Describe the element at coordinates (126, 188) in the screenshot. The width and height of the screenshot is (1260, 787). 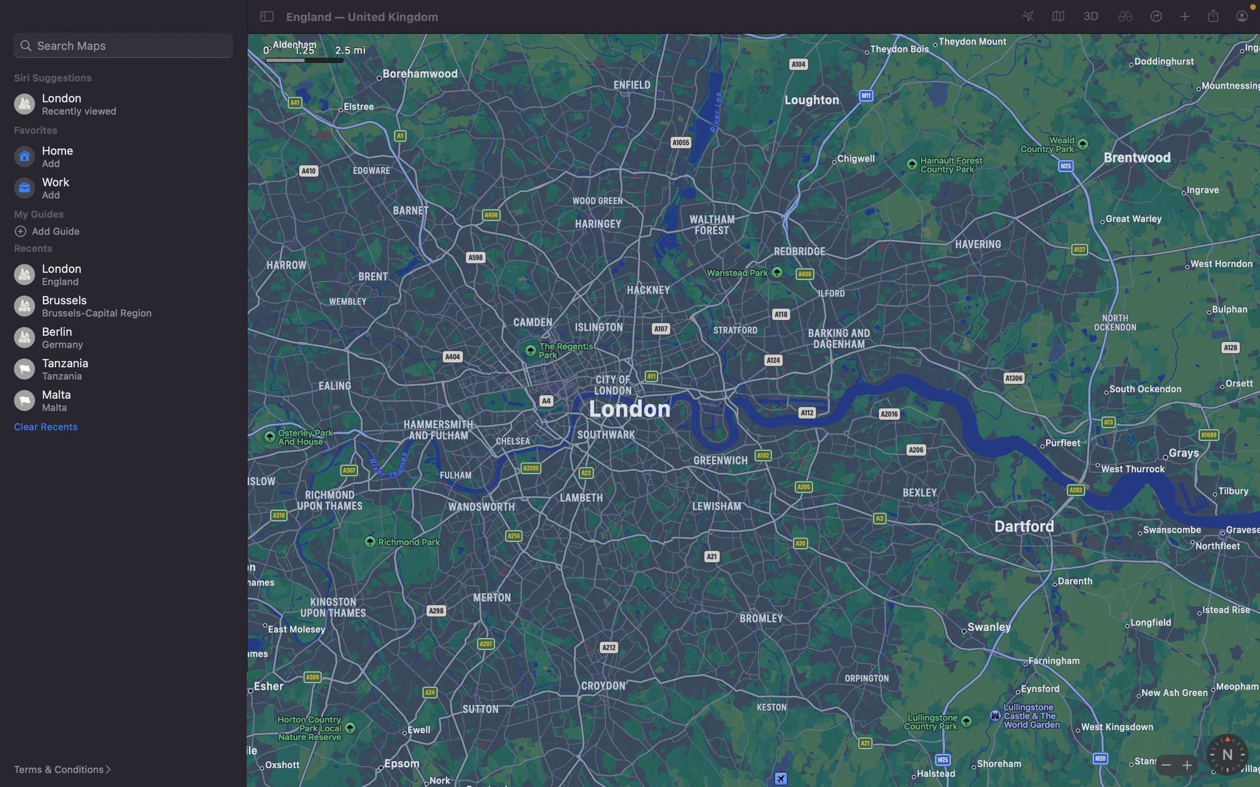
I see `Add a new work location` at that location.